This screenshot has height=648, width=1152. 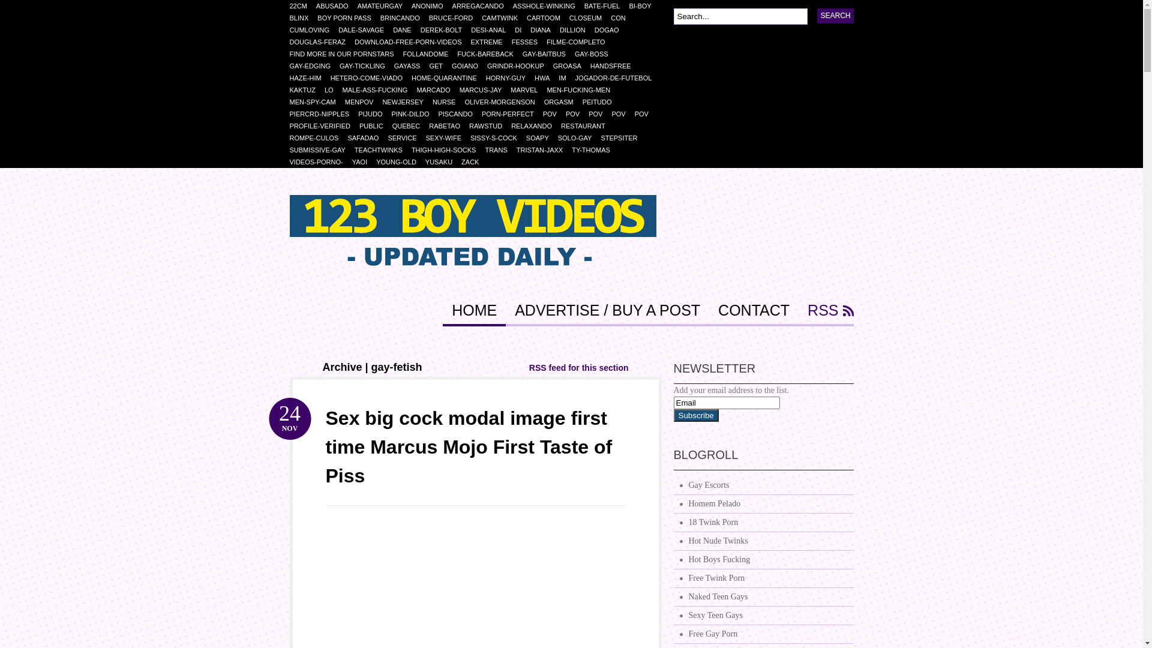 I want to click on 'POV', so click(x=588, y=113).